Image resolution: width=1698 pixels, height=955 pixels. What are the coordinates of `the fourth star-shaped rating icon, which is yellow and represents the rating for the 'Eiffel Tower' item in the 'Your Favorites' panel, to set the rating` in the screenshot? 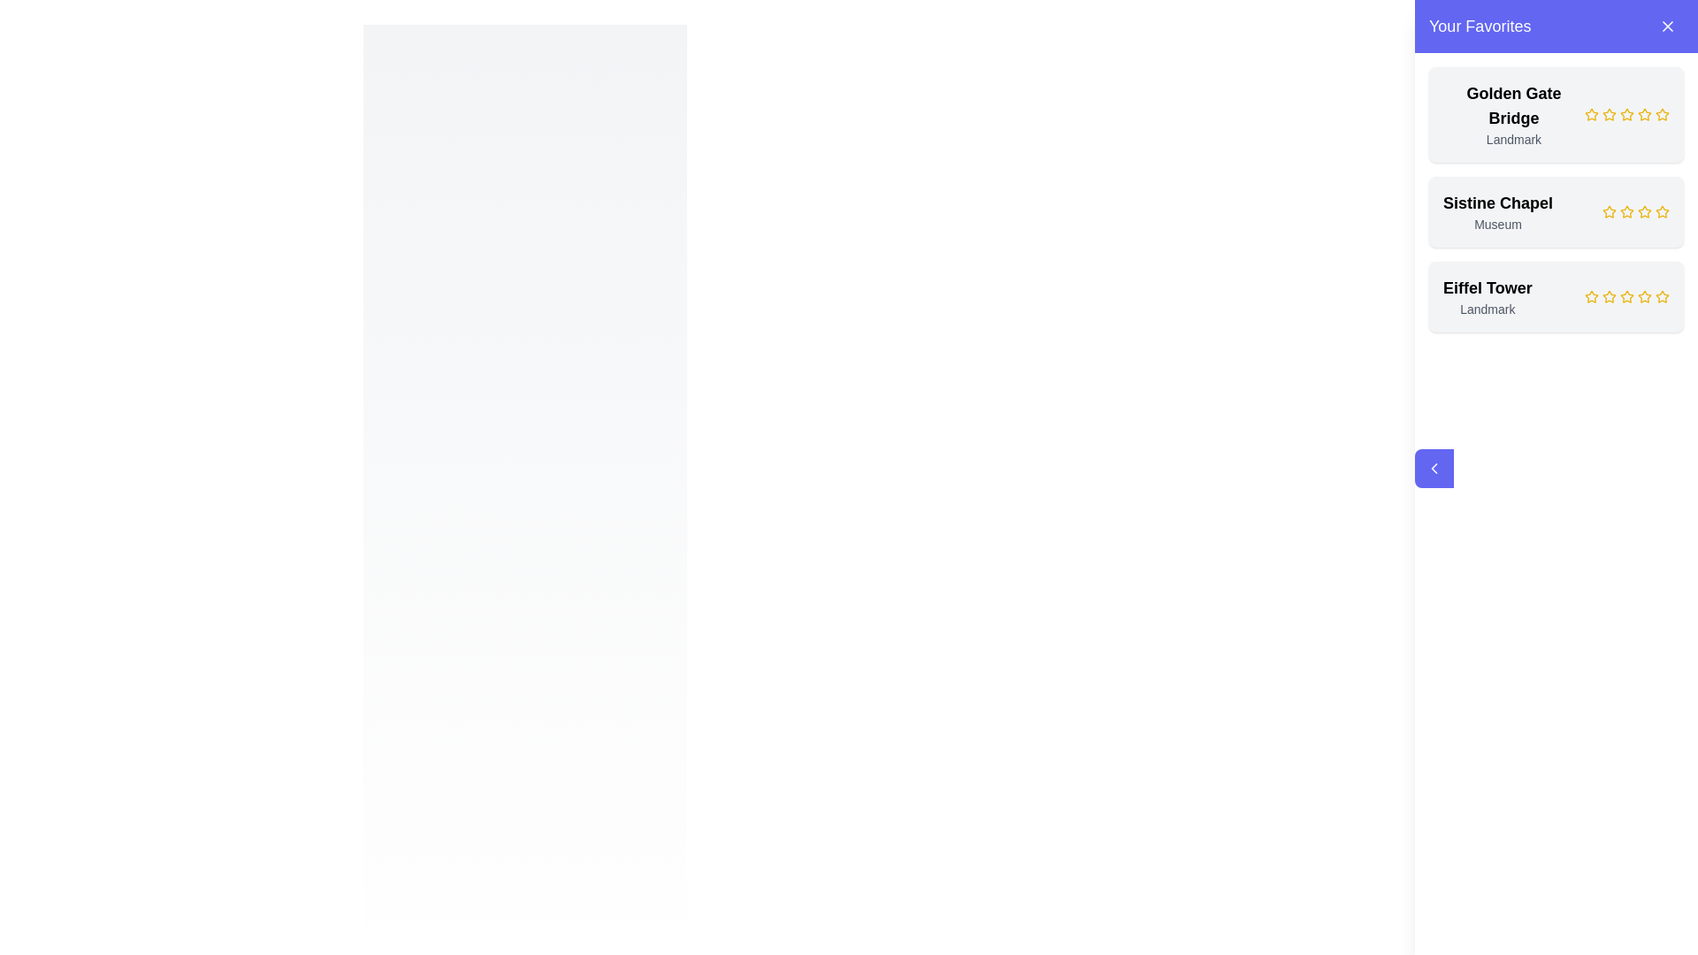 It's located at (1626, 295).